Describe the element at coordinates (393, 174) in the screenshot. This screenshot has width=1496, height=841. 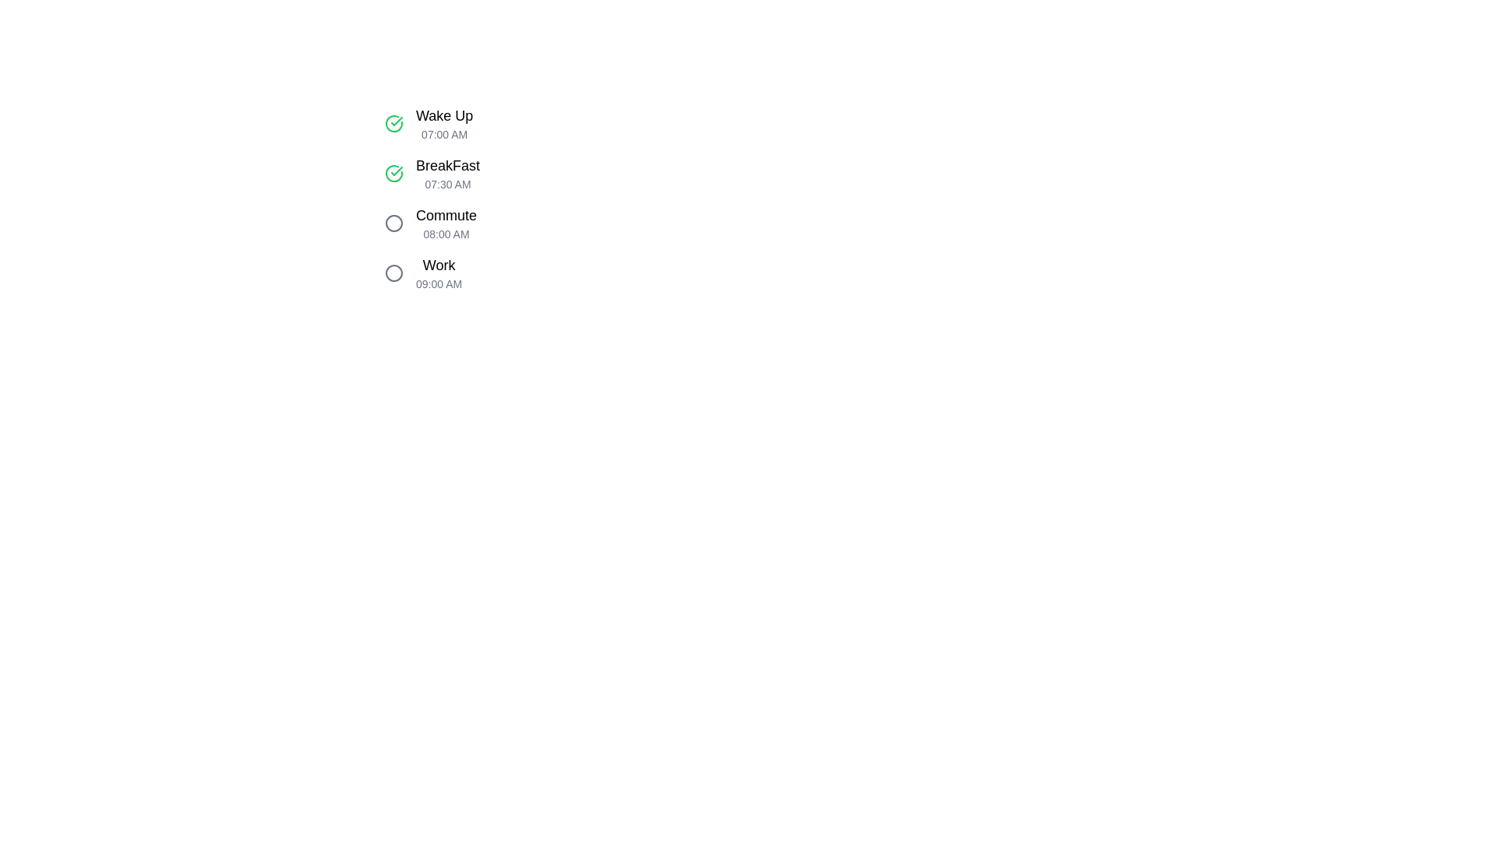
I see `associated status of the 'Wake Up' completion icon, which is the first in a vertical list and positioned to the left of the text 'Wake Up'` at that location.